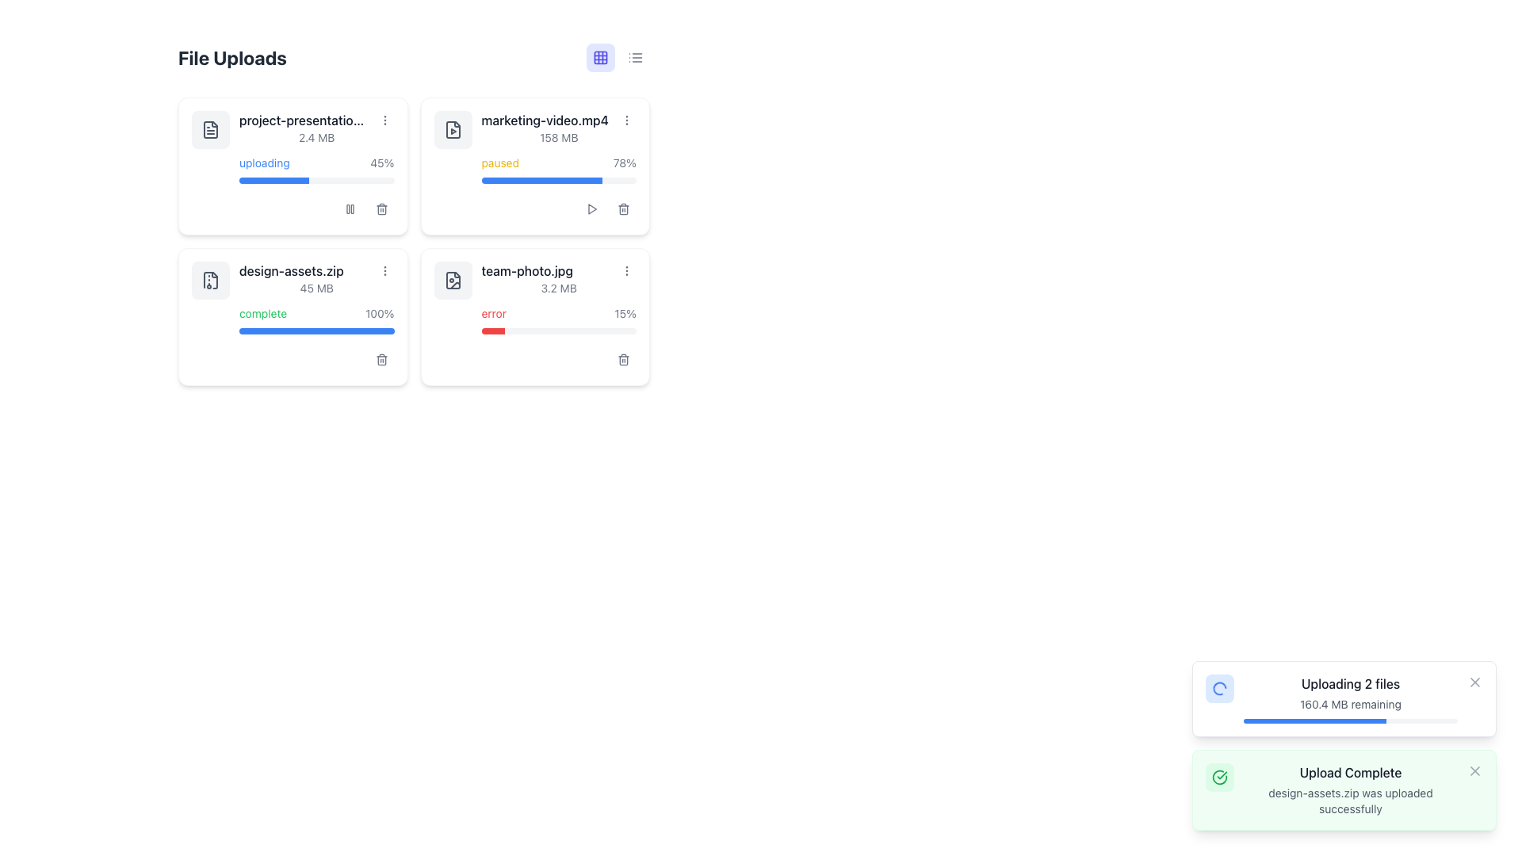  Describe the element at coordinates (452, 129) in the screenshot. I see `the video file icon labeled 'marketing-video.mp4', which is located in the second box from the left in the top row of the layout` at that location.